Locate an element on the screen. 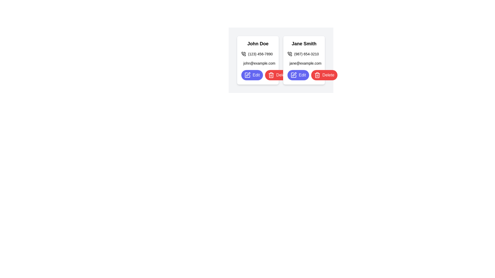 The width and height of the screenshot is (495, 278). the phone icon representing the contact method for 'John Doe' to interact with it if functionality is enabled is located at coordinates (243, 54).